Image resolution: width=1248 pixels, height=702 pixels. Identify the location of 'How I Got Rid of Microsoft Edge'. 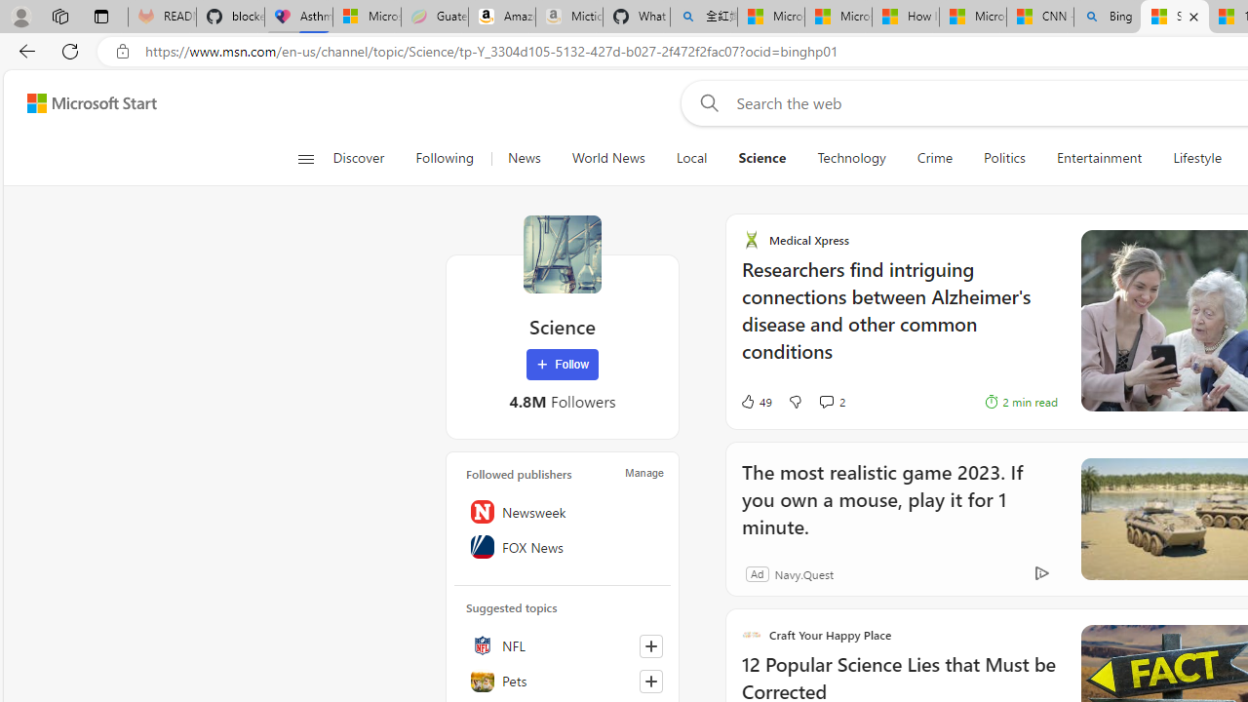
(904, 17).